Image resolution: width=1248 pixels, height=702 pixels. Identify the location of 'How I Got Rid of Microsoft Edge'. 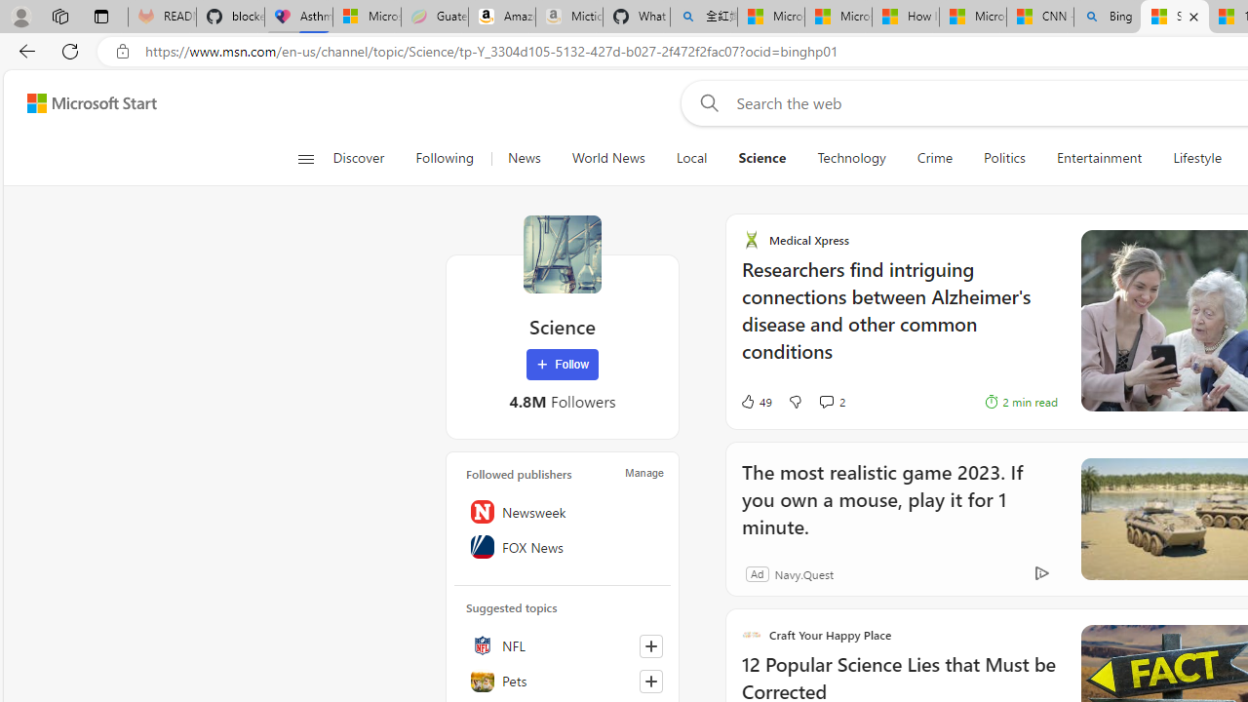
(904, 17).